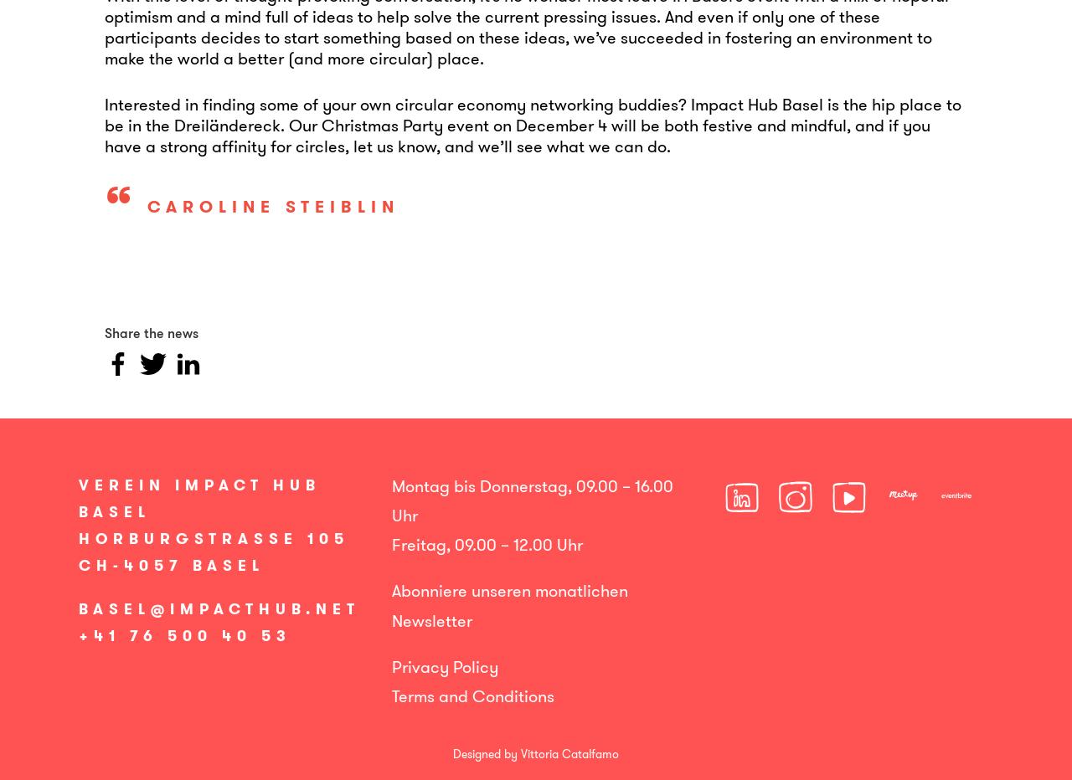 This screenshot has width=1072, height=780. Describe the element at coordinates (219, 608) in the screenshot. I see `'basel@impacthub.net'` at that location.